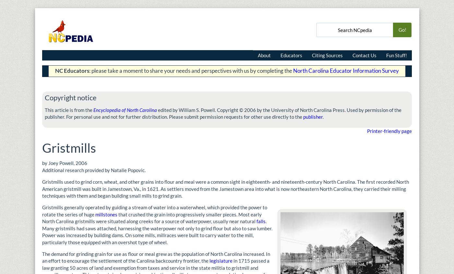 The width and height of the screenshot is (454, 274). What do you see at coordinates (313, 116) in the screenshot?
I see `'publisher'` at bounding box center [313, 116].